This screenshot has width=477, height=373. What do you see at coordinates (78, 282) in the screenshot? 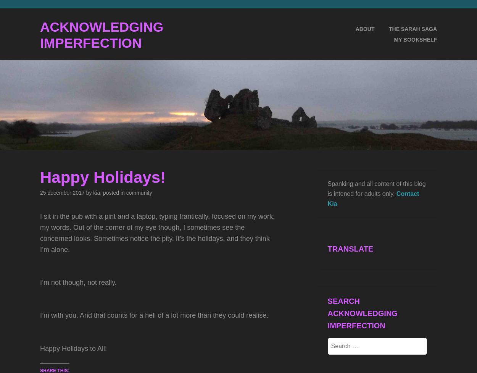
I see `'I’m not though, not really.'` at bounding box center [78, 282].